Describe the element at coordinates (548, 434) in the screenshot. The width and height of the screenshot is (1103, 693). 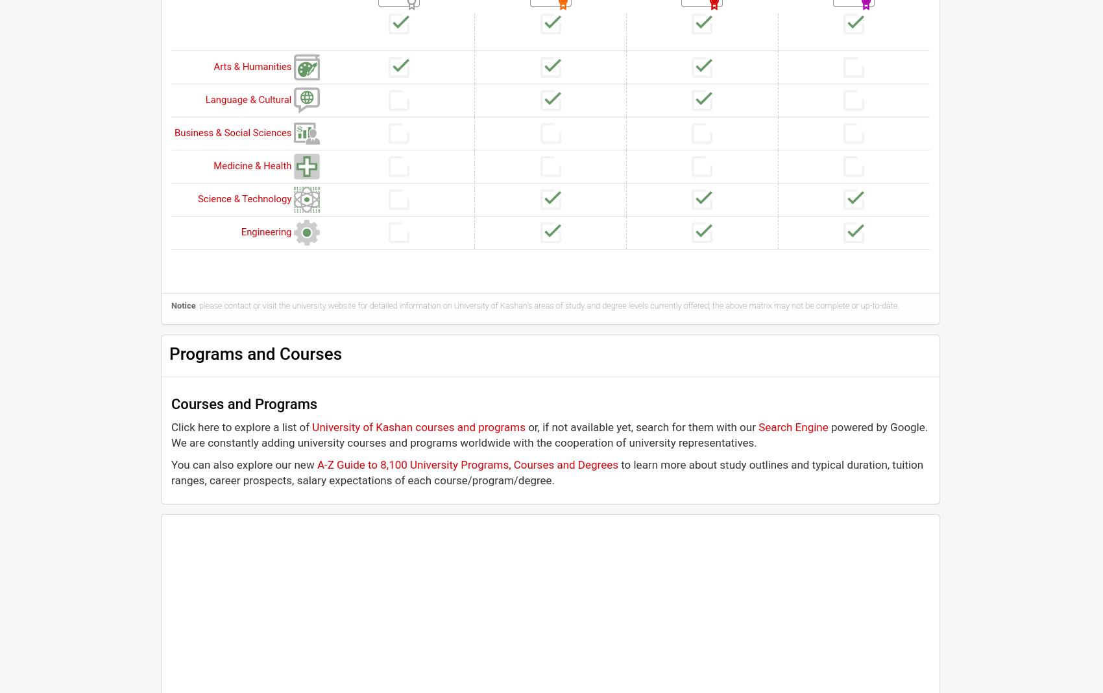
I see `'powered by Google. We are constantly adding university courses and programs worldwide with the cooperation of university representatives.'` at that location.